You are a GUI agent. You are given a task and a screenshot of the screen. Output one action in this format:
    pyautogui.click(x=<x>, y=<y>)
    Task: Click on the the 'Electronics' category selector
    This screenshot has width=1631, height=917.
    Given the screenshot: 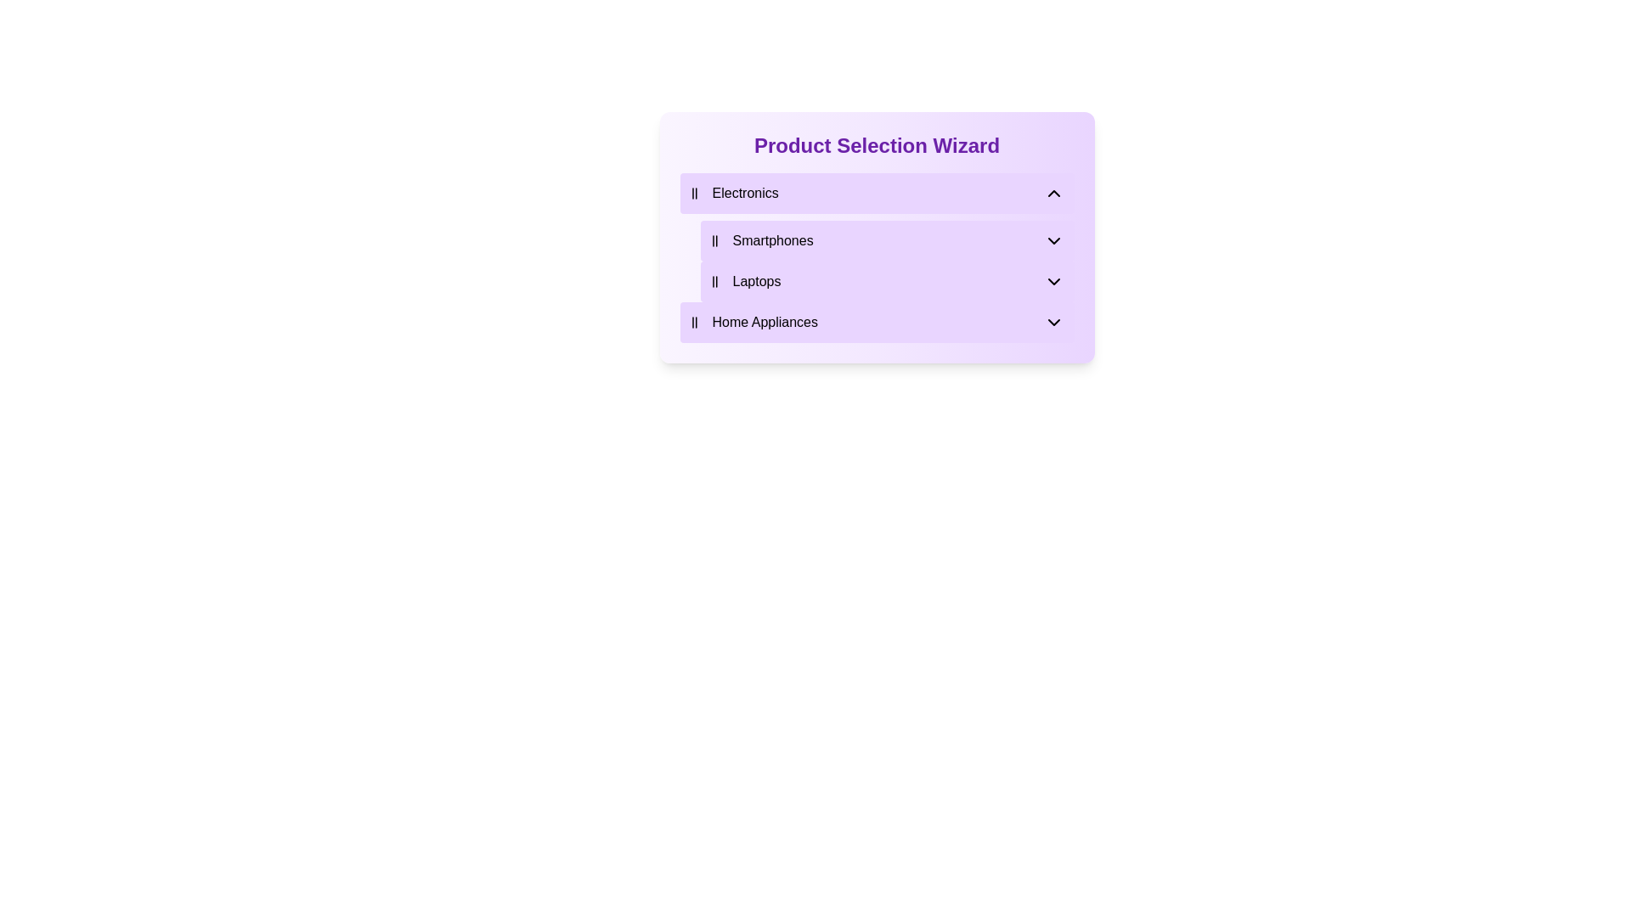 What is the action you would take?
    pyautogui.click(x=734, y=192)
    